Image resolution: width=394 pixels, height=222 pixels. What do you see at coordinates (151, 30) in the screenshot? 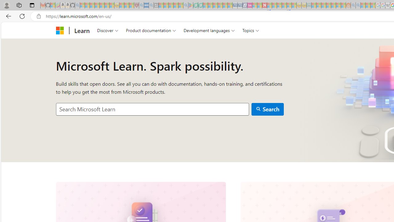
I see `'Product documentation'` at bounding box center [151, 30].